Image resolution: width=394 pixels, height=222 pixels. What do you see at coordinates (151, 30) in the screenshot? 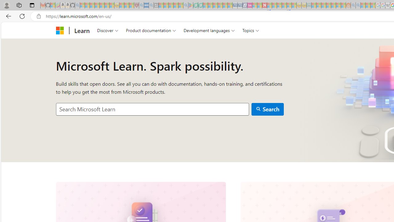
I see `'Product documentation'` at bounding box center [151, 30].